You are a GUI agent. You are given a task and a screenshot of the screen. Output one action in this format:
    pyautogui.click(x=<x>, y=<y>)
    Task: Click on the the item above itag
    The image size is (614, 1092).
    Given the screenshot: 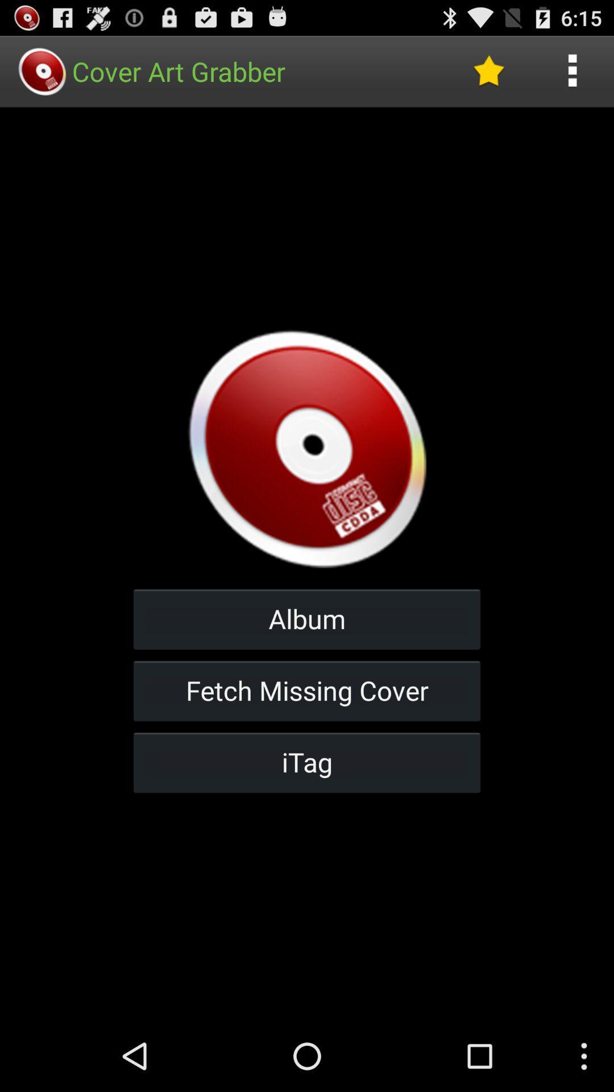 What is the action you would take?
    pyautogui.click(x=307, y=690)
    